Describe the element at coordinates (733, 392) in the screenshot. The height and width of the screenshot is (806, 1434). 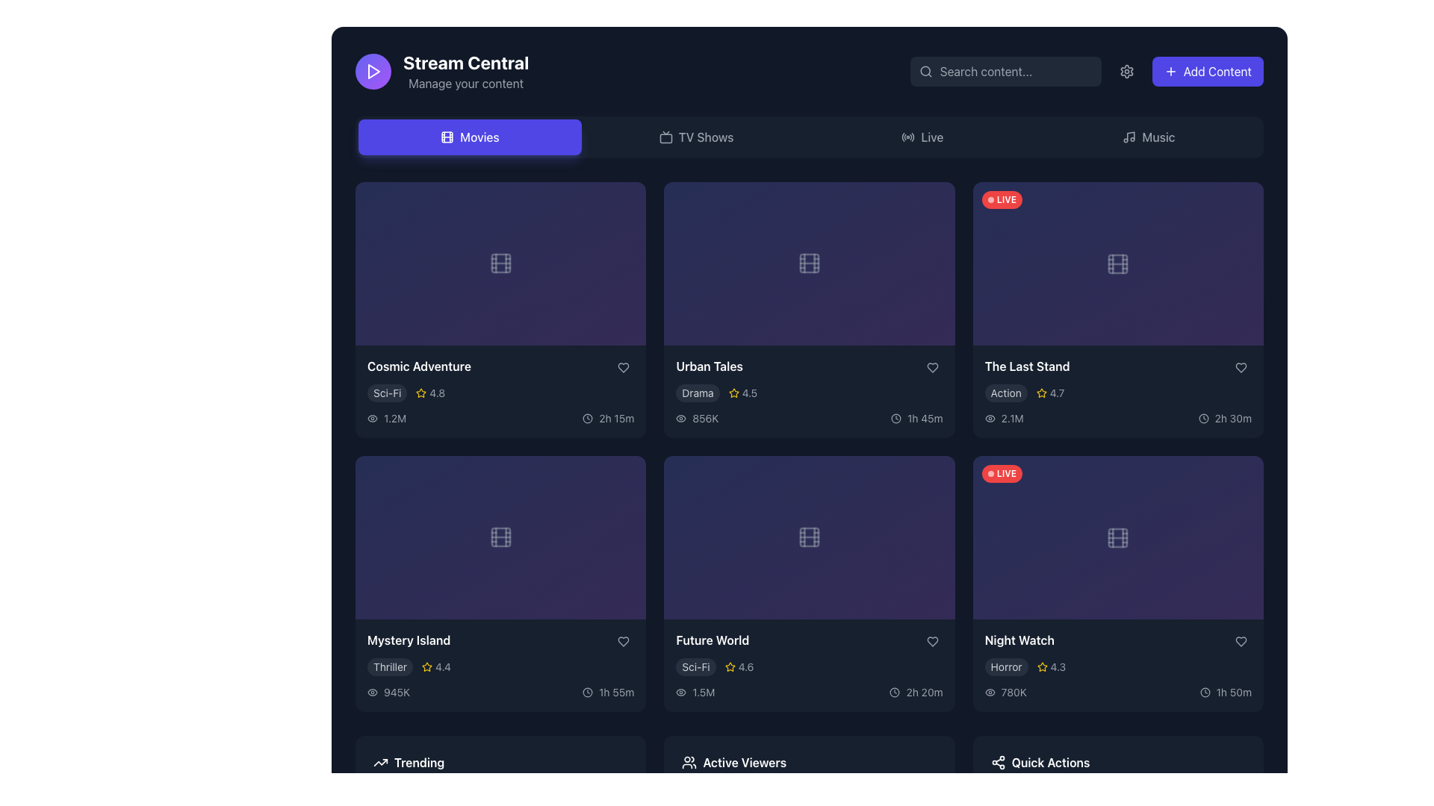
I see `the star vector icon in the rating display system for the 'Urban Tales' card, located next to the numerical rating '4.5'` at that location.